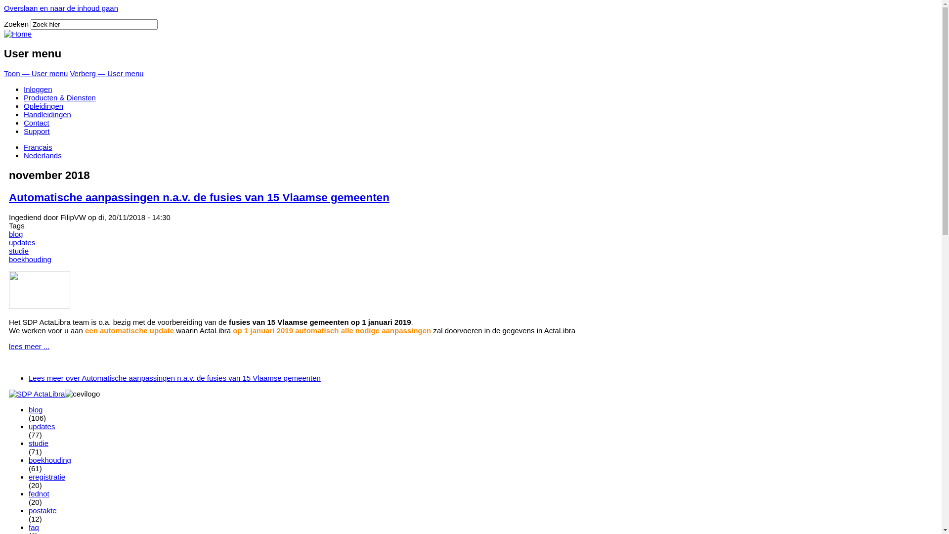  Describe the element at coordinates (17, 33) in the screenshot. I see `'Home'` at that location.